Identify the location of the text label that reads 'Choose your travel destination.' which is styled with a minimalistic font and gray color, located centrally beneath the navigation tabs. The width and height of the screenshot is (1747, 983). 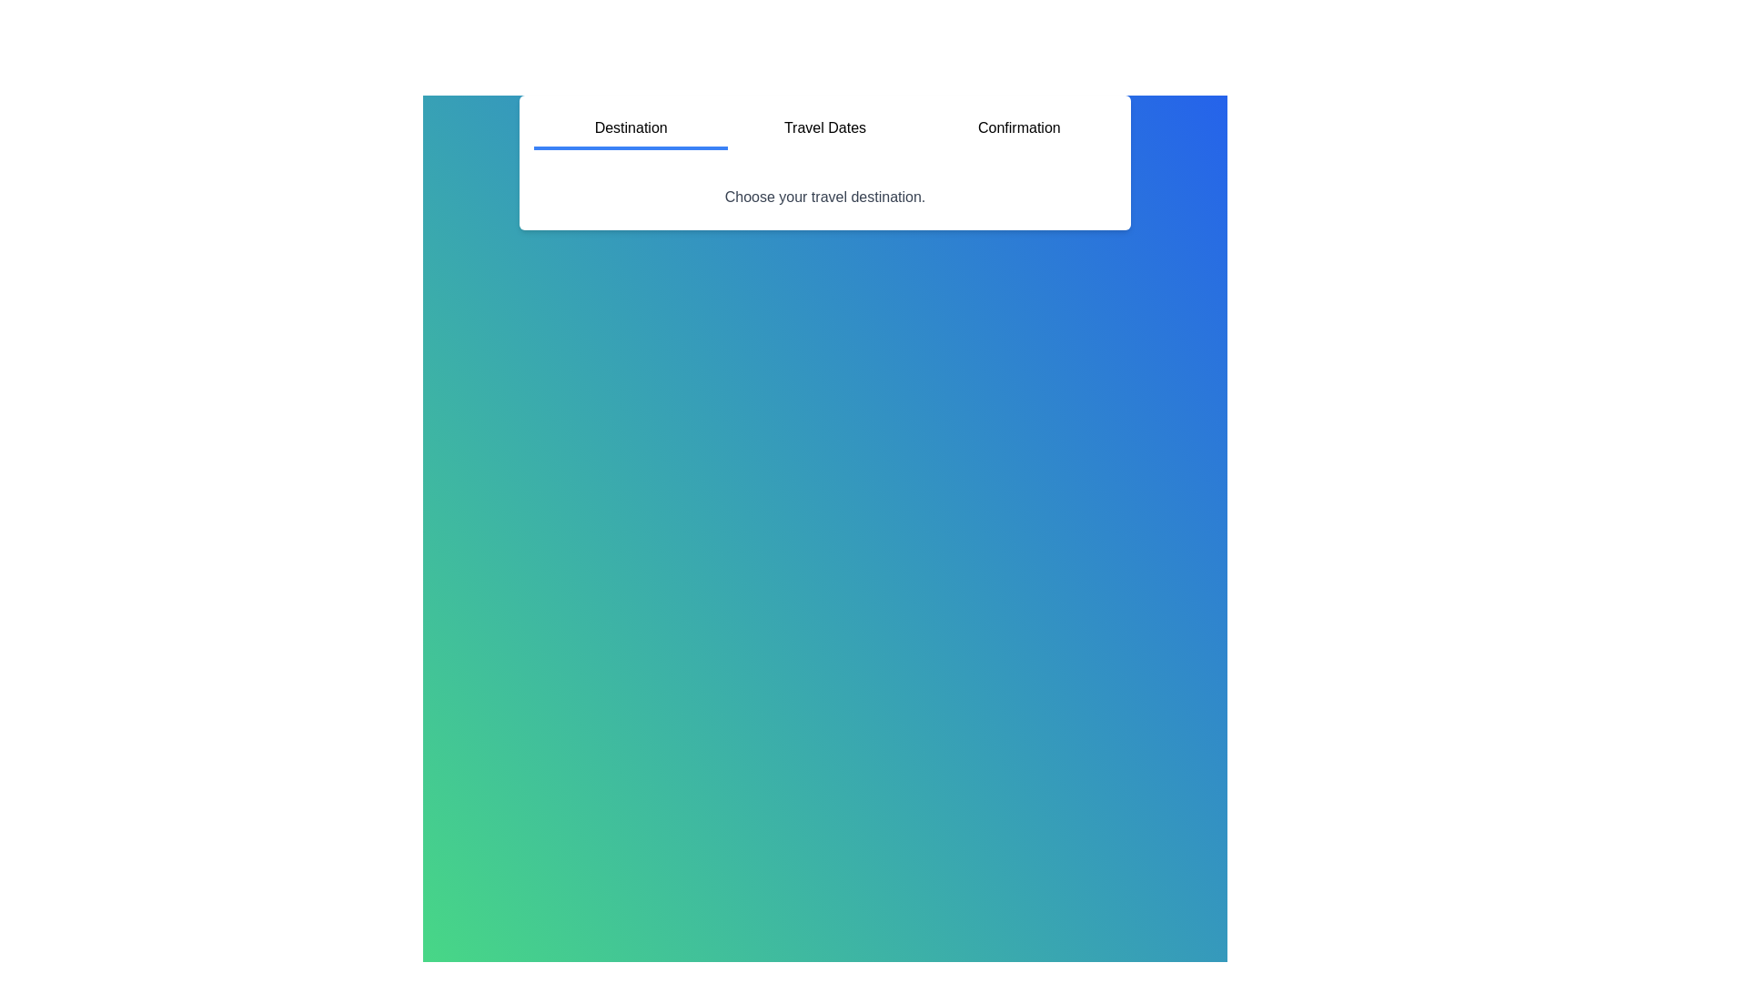
(824, 197).